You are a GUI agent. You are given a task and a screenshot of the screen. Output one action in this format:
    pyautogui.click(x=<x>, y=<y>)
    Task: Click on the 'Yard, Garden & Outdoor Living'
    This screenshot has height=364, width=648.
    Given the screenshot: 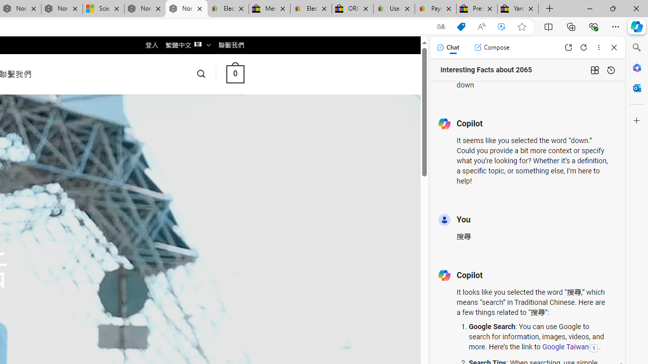 What is the action you would take?
    pyautogui.click(x=518, y=9)
    